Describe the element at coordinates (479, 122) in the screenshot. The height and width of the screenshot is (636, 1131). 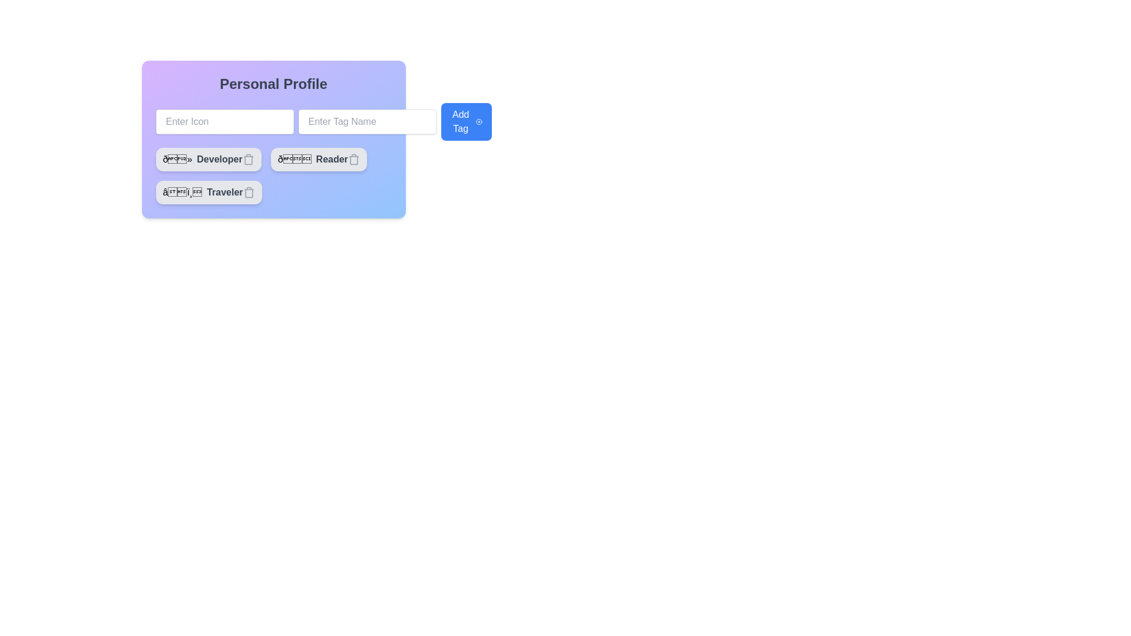
I see `the decorative '+' icon located on the right side of the 'Add Tag' button, which is a circular icon rendered with precise lines` at that location.